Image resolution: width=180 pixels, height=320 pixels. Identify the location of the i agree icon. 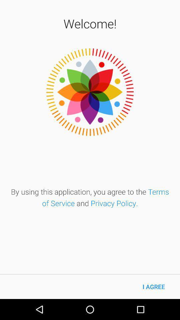
(154, 286).